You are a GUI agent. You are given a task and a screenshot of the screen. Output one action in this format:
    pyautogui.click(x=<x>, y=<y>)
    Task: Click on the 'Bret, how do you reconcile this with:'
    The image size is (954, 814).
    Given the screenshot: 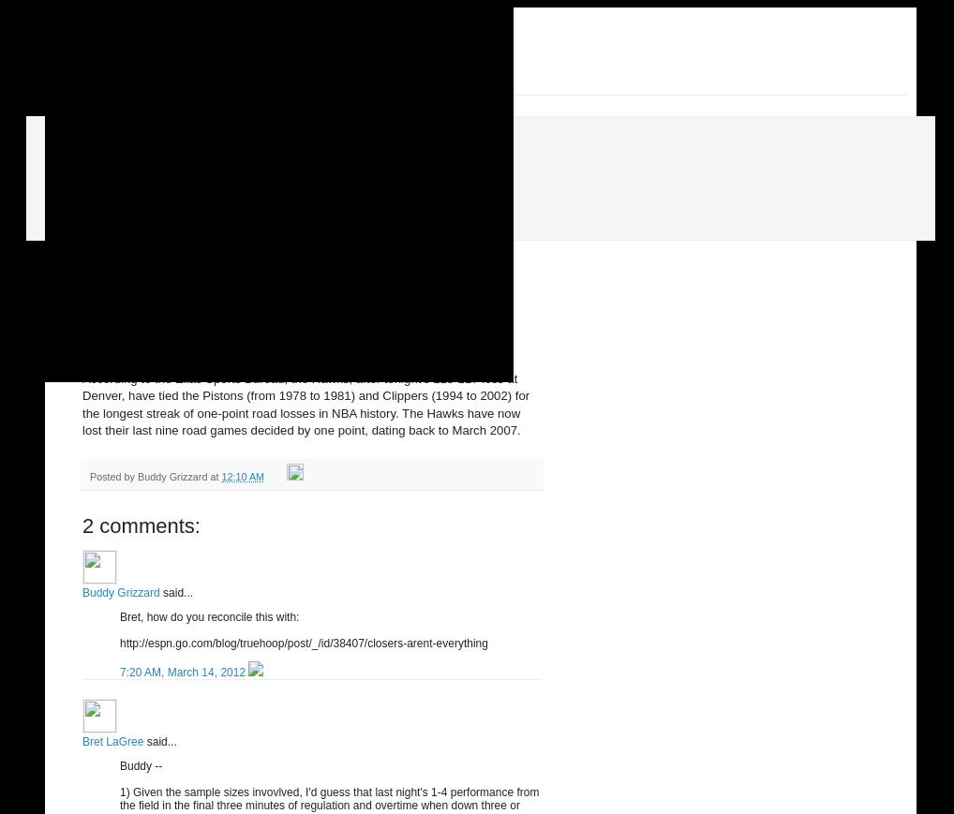 What is the action you would take?
    pyautogui.click(x=118, y=616)
    